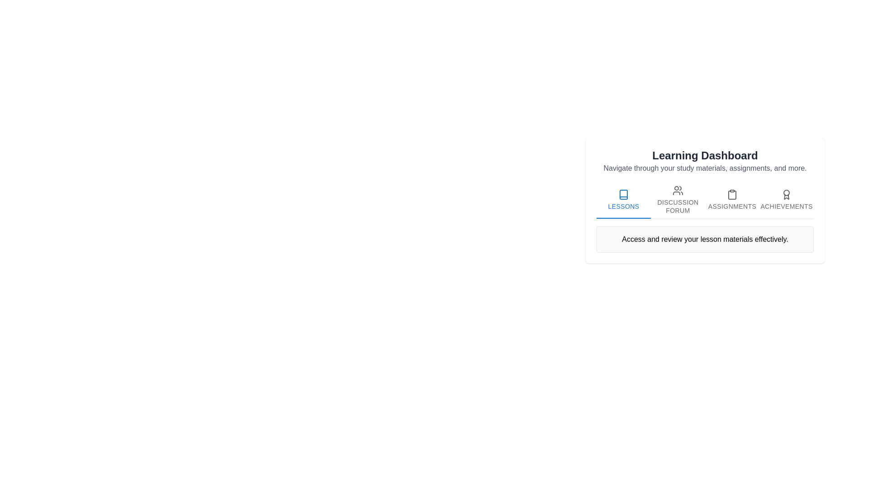  I want to click on the decorative ribbon detail within the award icon located at the lower part of the ACHIEVEMENTS tab icon beneath the Learning Dashboard heading, so click(786, 197).